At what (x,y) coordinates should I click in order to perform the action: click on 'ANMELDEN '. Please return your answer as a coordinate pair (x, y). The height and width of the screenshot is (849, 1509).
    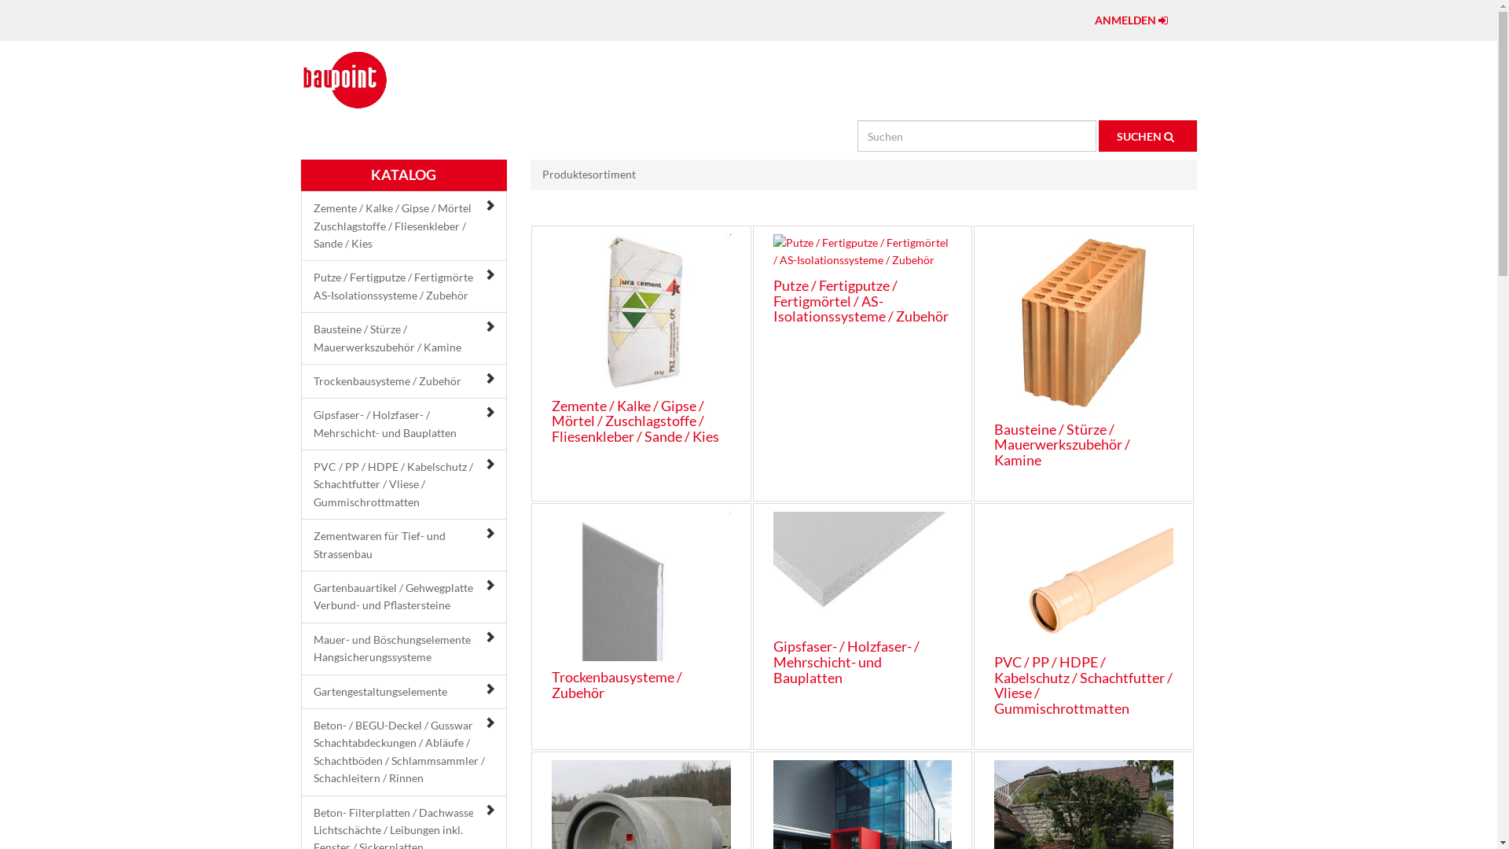
    Looking at the image, I should click on (1133, 20).